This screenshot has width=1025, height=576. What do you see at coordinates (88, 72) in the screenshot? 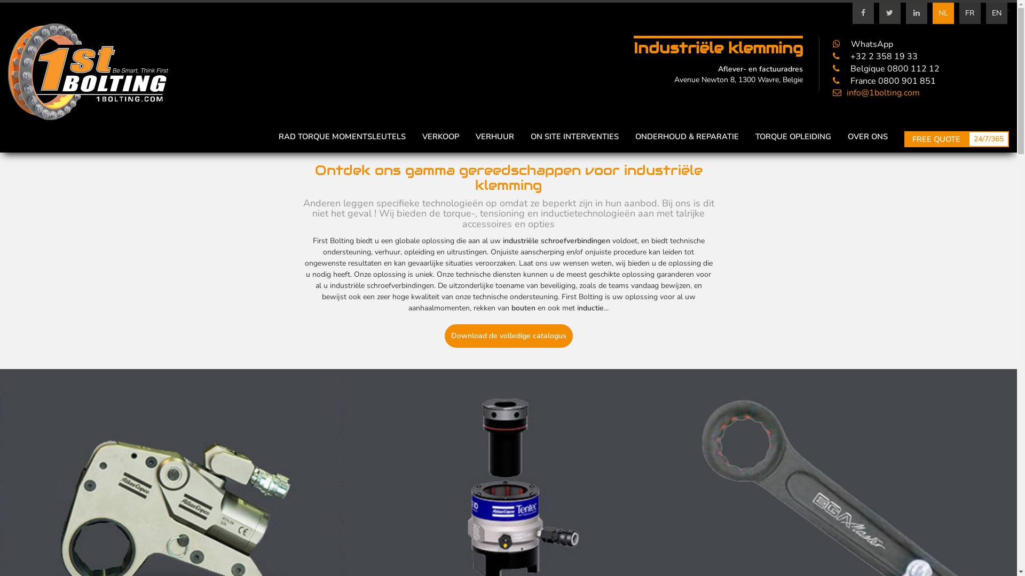
I see `'1st Bolting'` at bounding box center [88, 72].